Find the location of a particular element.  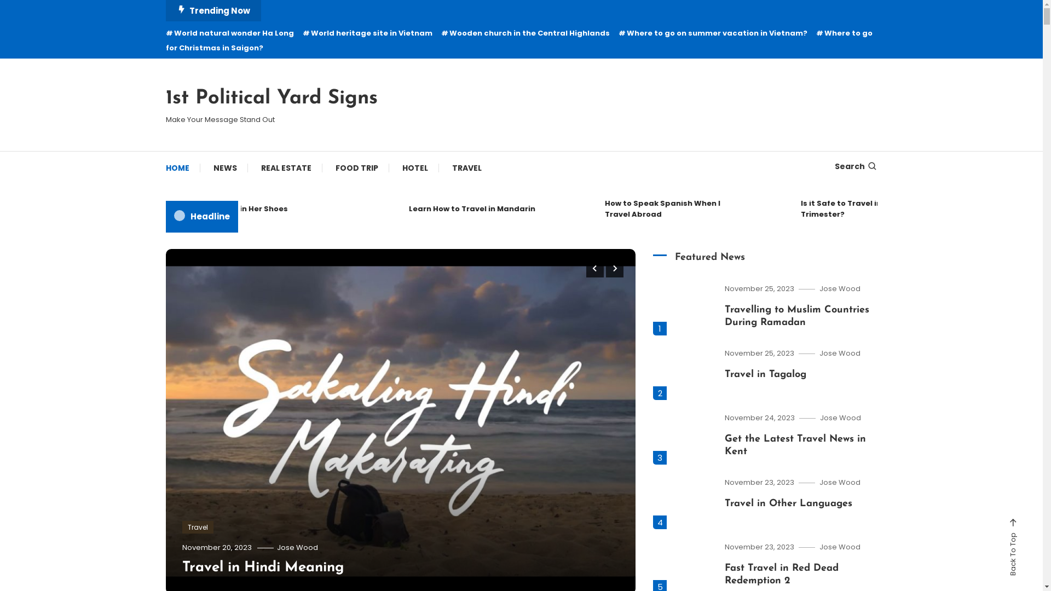

'November 25, 2023' is located at coordinates (725, 288).